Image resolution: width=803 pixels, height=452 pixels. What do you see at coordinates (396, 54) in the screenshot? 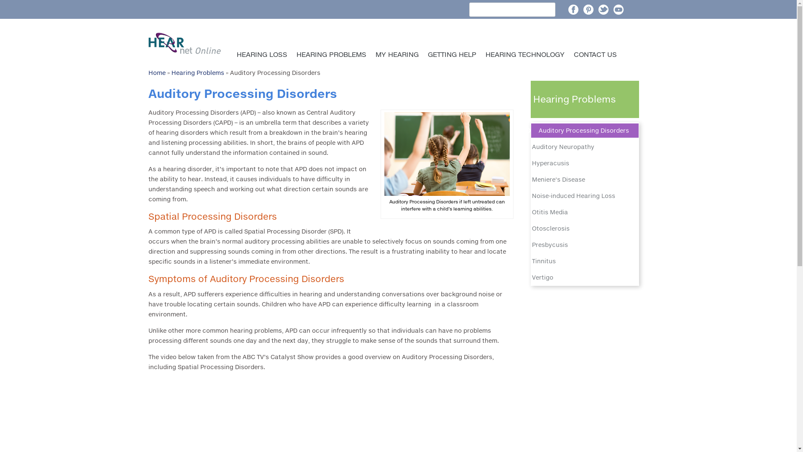
I see `'MY HEARING'` at bounding box center [396, 54].